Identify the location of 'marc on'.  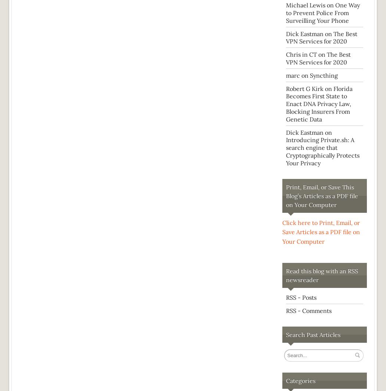
(297, 75).